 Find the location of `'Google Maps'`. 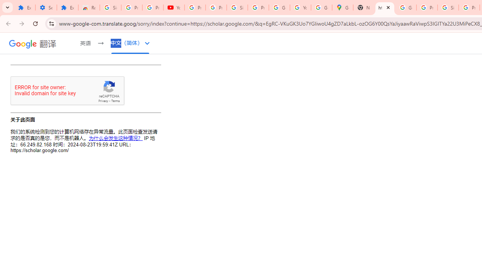

'Google Maps' is located at coordinates (342, 8).